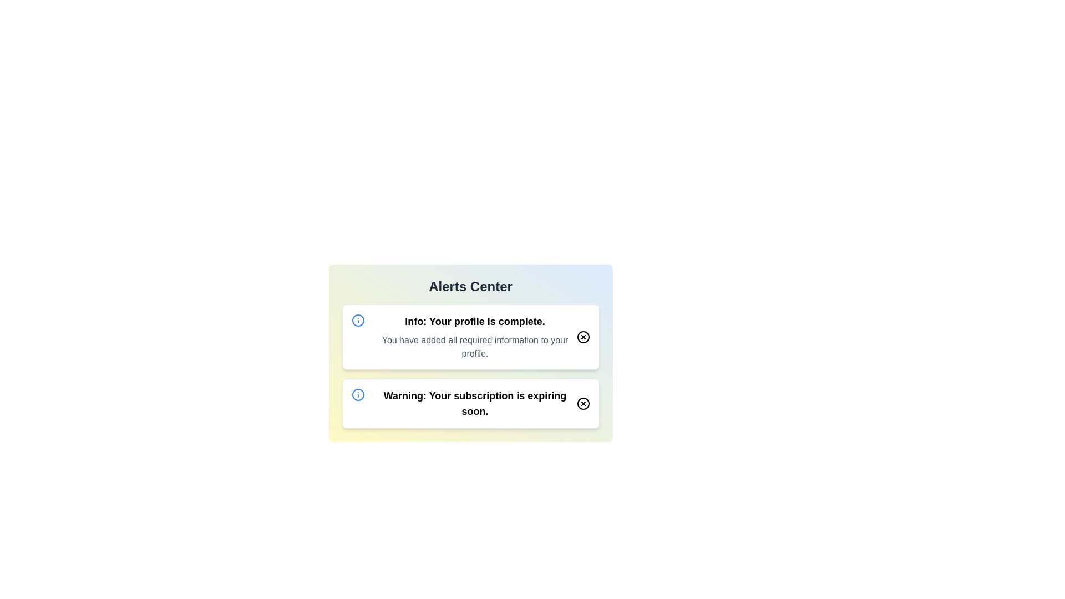  What do you see at coordinates (358, 321) in the screenshot?
I see `the Info icon to trigger its associated action` at bounding box center [358, 321].